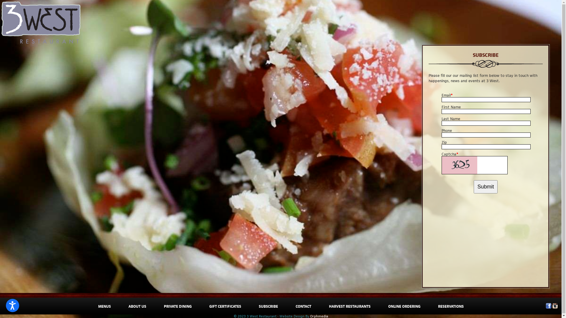  Describe the element at coordinates (555, 307) in the screenshot. I see `'Instagram'` at that location.